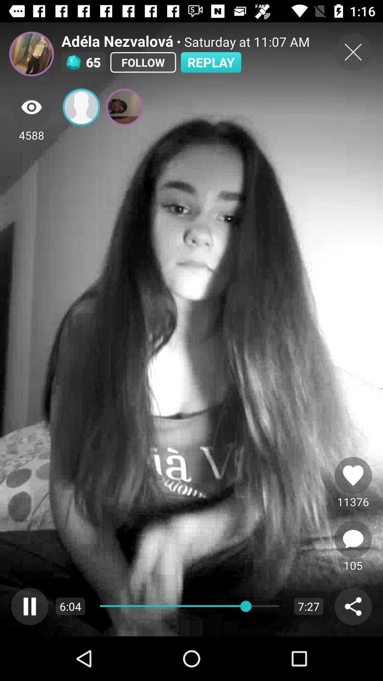 This screenshot has width=383, height=681. I want to click on click the profile, so click(81, 107).